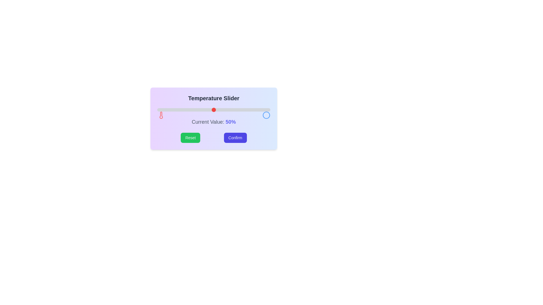 This screenshot has height=305, width=543. Describe the element at coordinates (190, 138) in the screenshot. I see `the 'Reset' button to reset the slider value to 0` at that location.